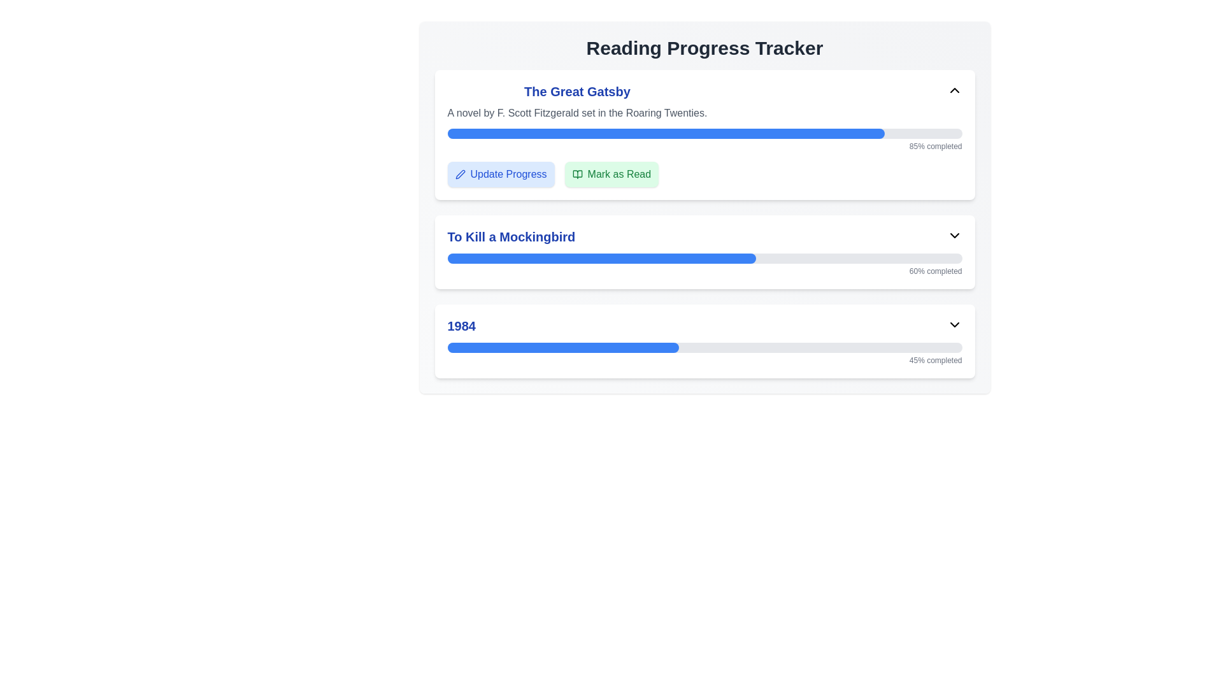  Describe the element at coordinates (704, 354) in the screenshot. I see `completion text '45% completed' from the progress bar located under the title '1984'` at that location.